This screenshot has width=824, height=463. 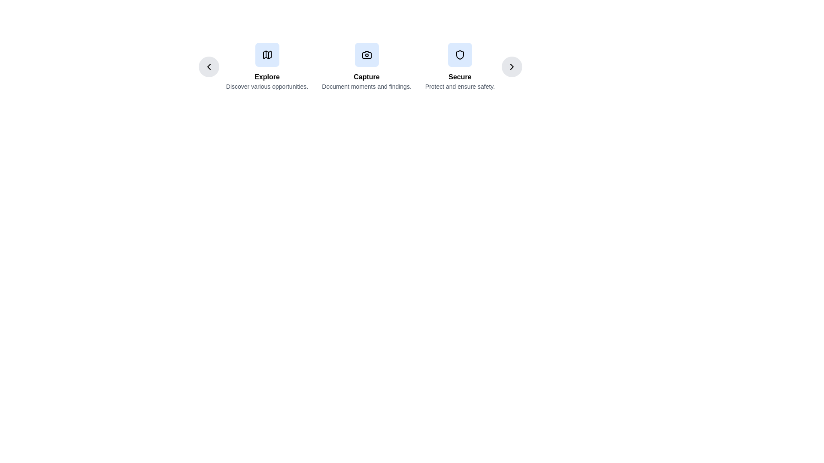 What do you see at coordinates (209, 66) in the screenshot?
I see `the left arrow icon, which is a thin chevron pointing to the left, black in color, located on the far left side of the interface adjacent to a circular button` at bounding box center [209, 66].